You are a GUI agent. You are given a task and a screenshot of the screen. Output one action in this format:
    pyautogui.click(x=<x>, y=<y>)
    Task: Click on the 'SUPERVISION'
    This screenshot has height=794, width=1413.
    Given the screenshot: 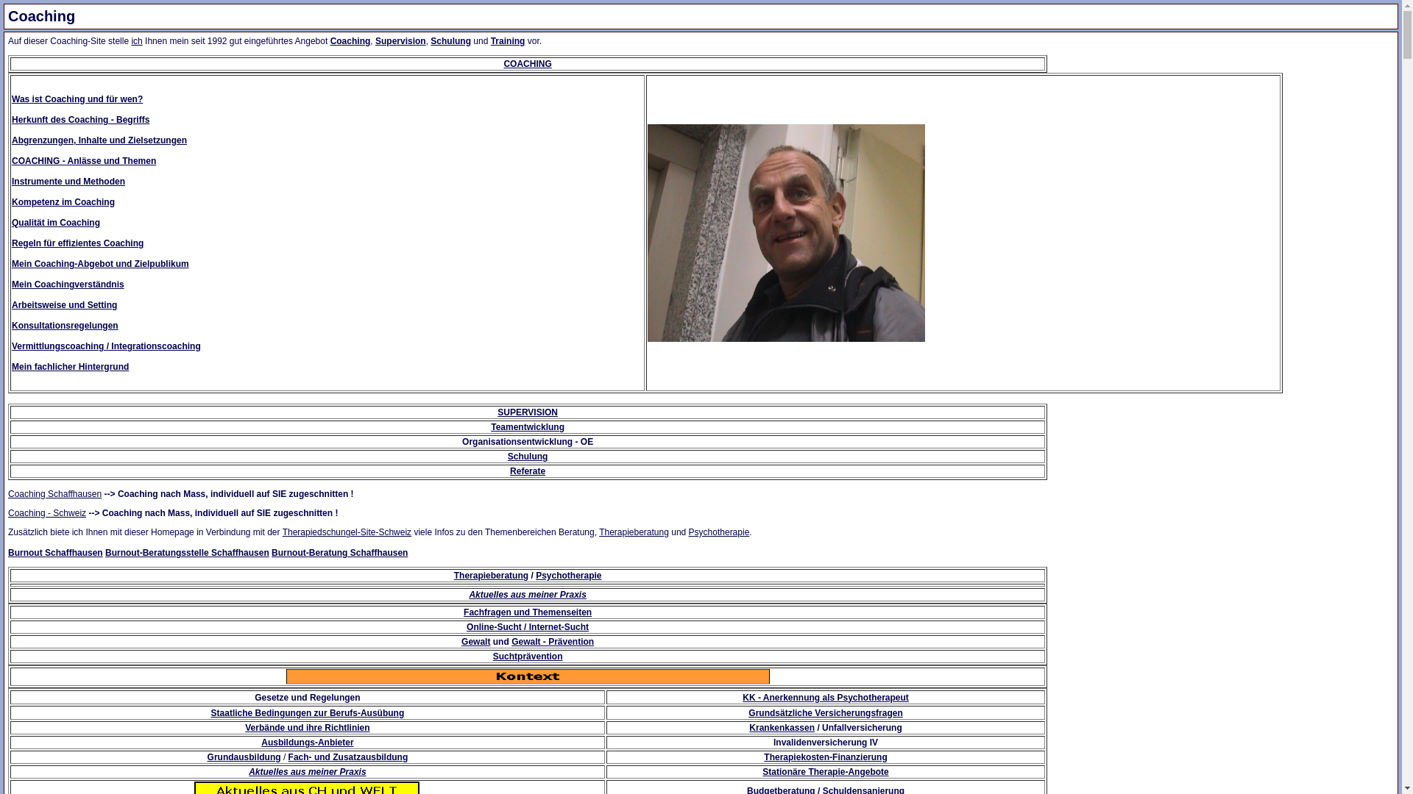 What is the action you would take?
    pyautogui.click(x=527, y=412)
    